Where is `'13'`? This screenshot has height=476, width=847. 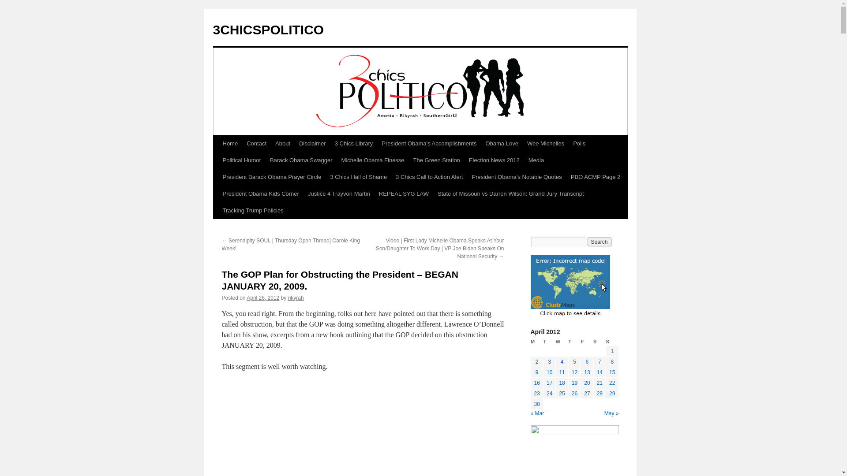 '13' is located at coordinates (587, 372).